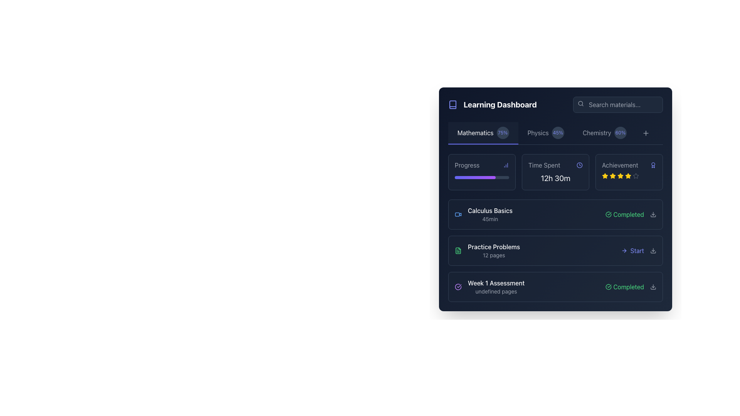 Image resolution: width=740 pixels, height=416 pixels. Describe the element at coordinates (620, 132) in the screenshot. I see `the circular badge displaying '60%' with a dark slate-blue background located to the right of the 'Chemistry' label by moving the cursor to its center` at that location.